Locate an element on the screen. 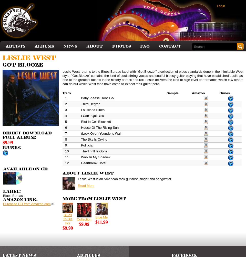  '7' is located at coordinates (65, 133).